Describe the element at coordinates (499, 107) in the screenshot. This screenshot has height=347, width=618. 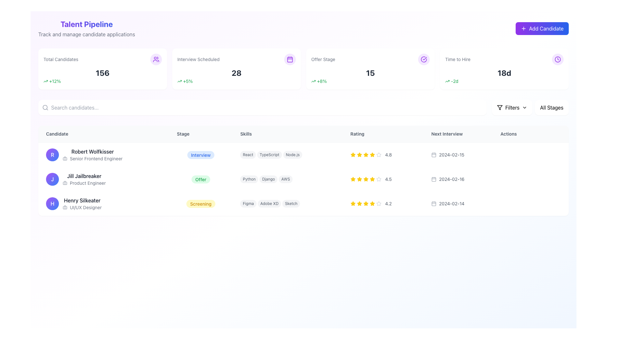
I see `the filter icon located on the left side of the 'Filters' button group in the header bar above the table` at that location.